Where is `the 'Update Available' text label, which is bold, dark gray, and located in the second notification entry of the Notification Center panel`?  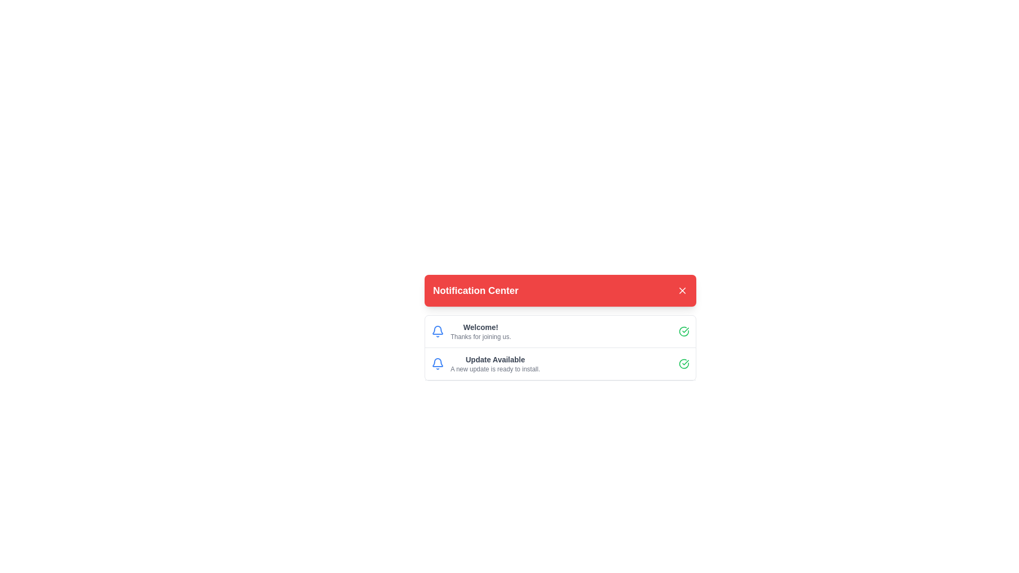 the 'Update Available' text label, which is bold, dark gray, and located in the second notification entry of the Notification Center panel is located at coordinates (495, 359).